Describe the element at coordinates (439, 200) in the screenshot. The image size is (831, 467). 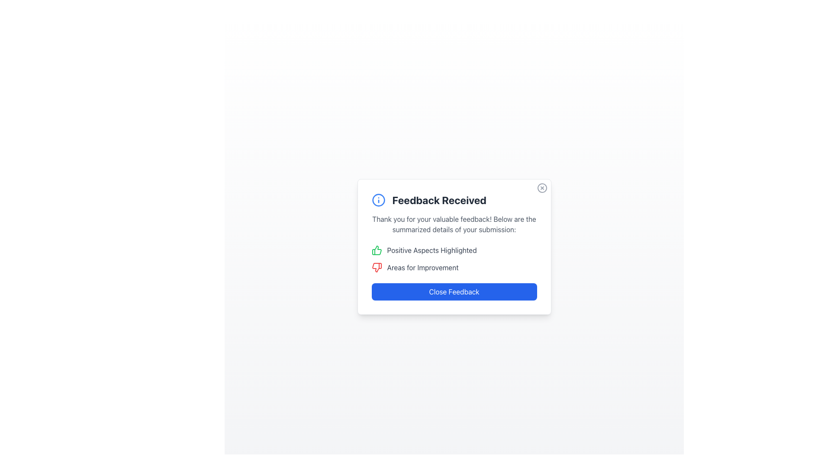
I see `the bold text heading displaying 'Feedback Received' which is located to the right of an informational icon in the feedback modal` at that location.